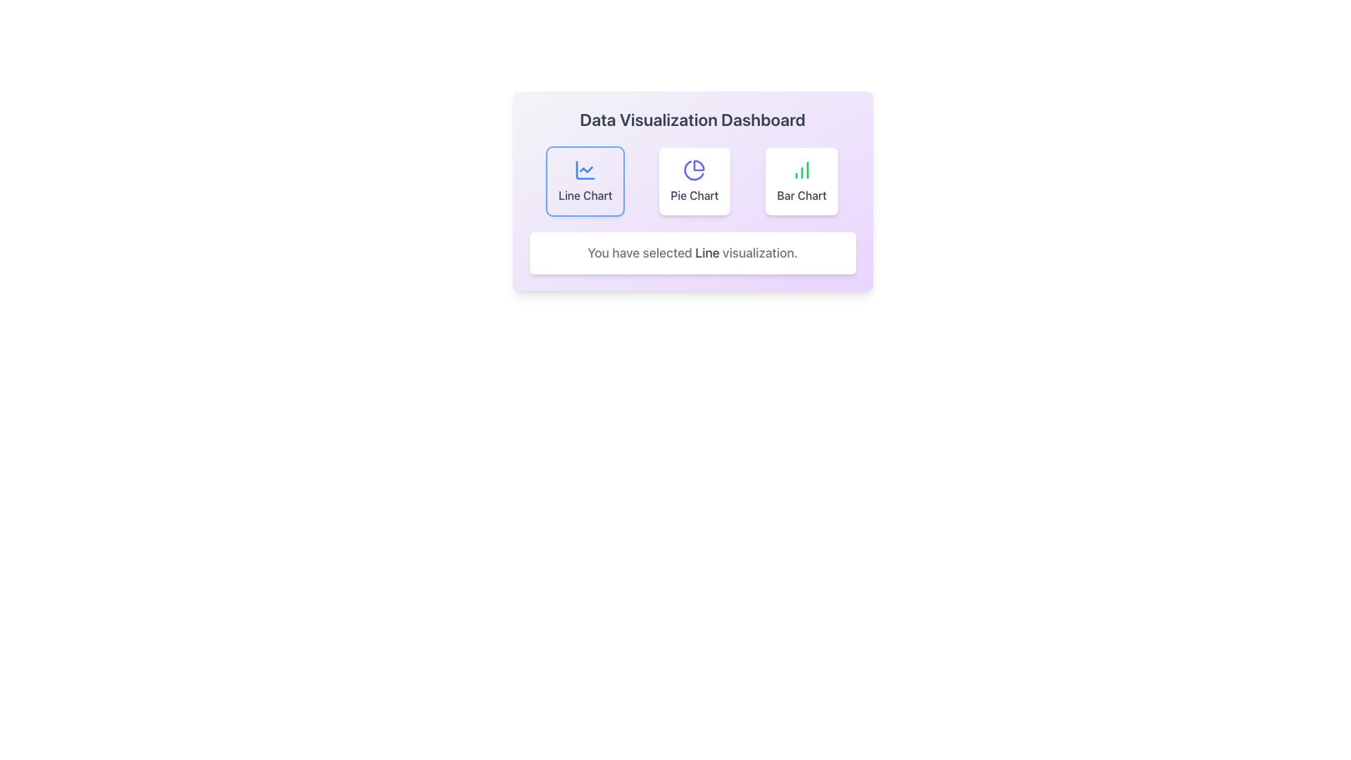  I want to click on the small blue line chart icon inside the 'Line Chart' button, which is the leftmost button in a row of three buttons labeled 'Line Chart,' 'Pie Chart,' and 'Bar Chart.', so click(586, 169).